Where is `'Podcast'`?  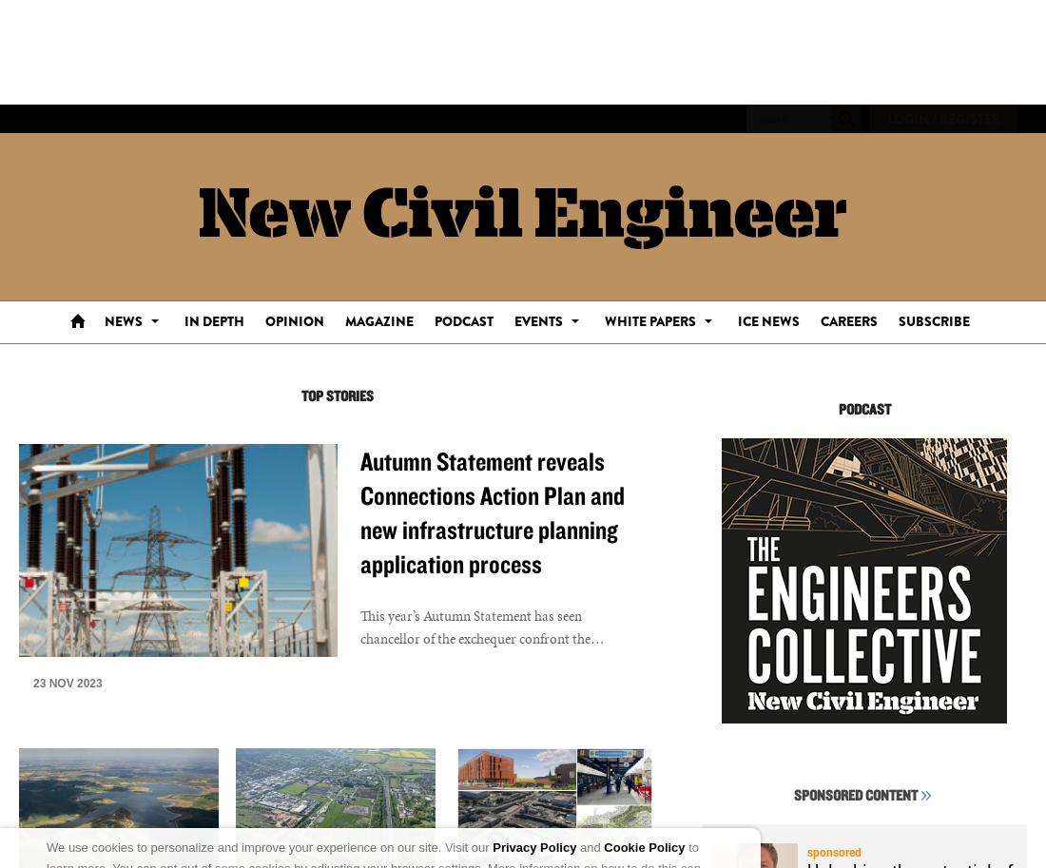 'Podcast' is located at coordinates (463, 320).